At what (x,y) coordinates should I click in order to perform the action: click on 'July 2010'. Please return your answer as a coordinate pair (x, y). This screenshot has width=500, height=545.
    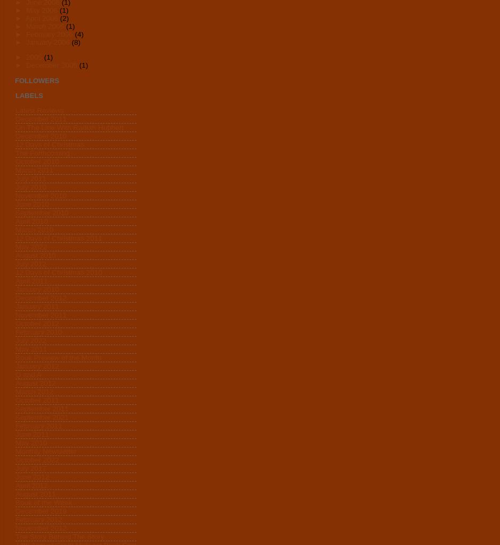
    Looking at the image, I should click on (30, 187).